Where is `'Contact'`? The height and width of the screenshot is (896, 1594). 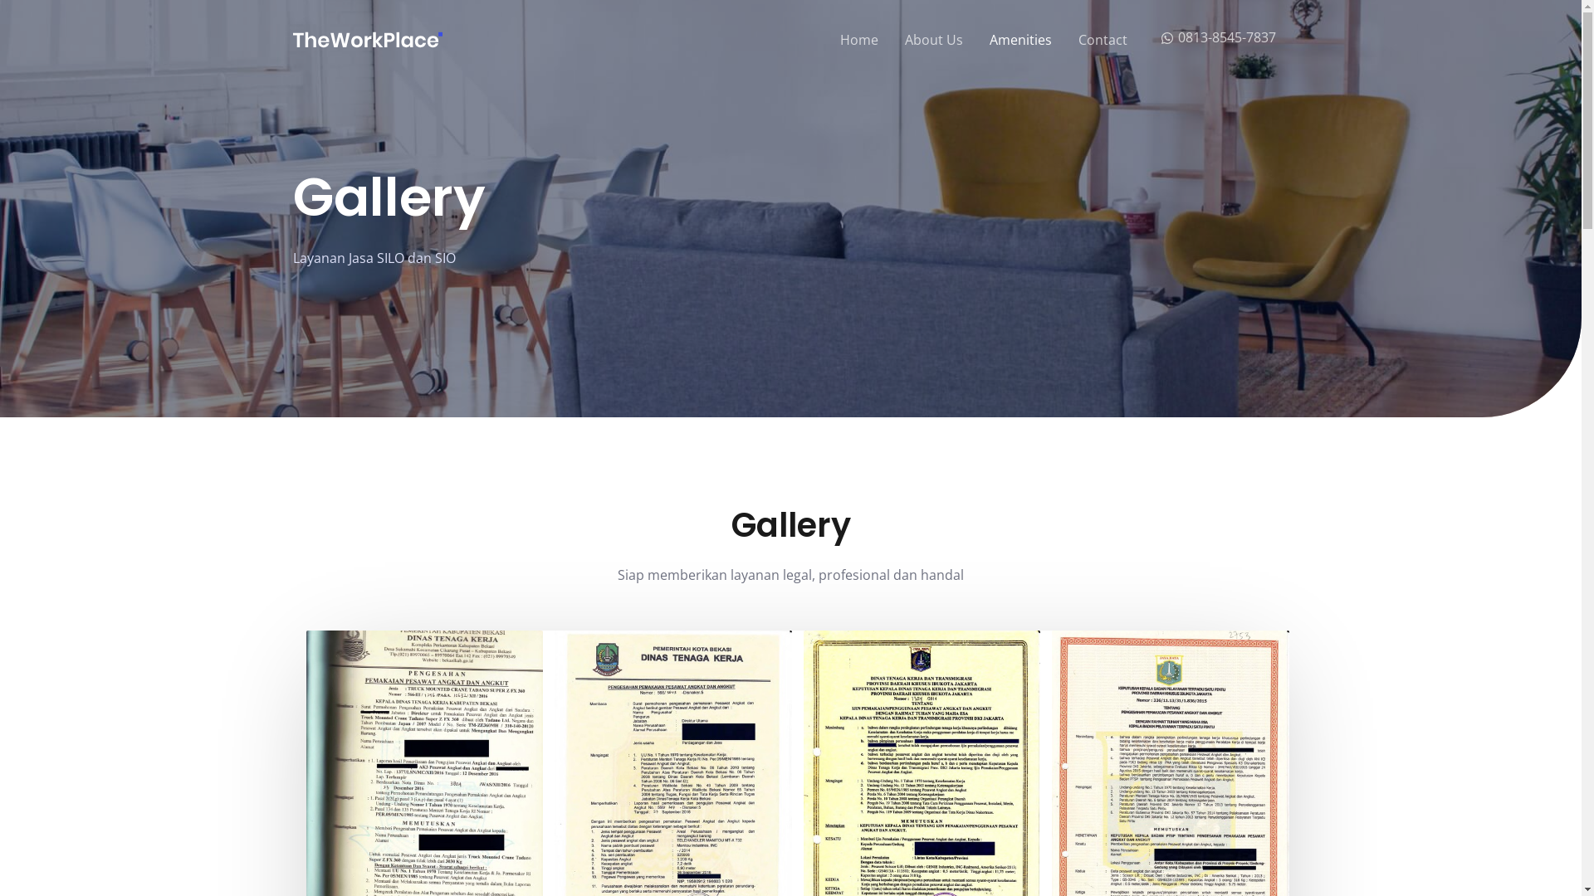 'Contact' is located at coordinates (1103, 38).